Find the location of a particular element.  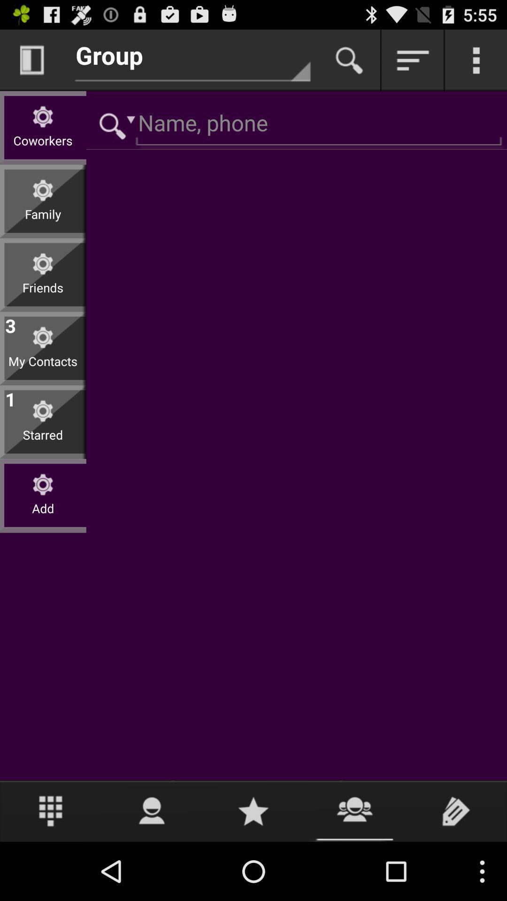

add item is located at coordinates (43, 515).